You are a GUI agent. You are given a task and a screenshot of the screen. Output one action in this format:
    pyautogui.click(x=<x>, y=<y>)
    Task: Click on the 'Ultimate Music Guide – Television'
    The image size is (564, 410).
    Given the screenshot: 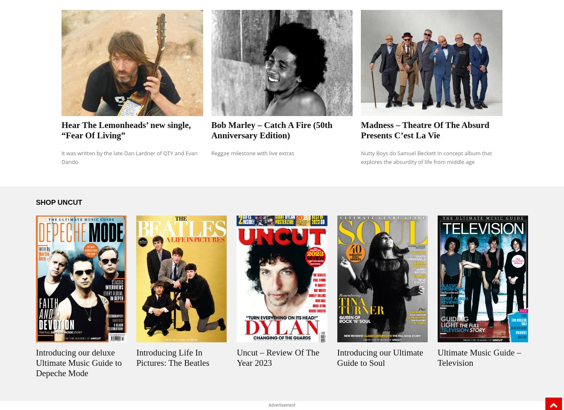 What is the action you would take?
    pyautogui.click(x=437, y=357)
    